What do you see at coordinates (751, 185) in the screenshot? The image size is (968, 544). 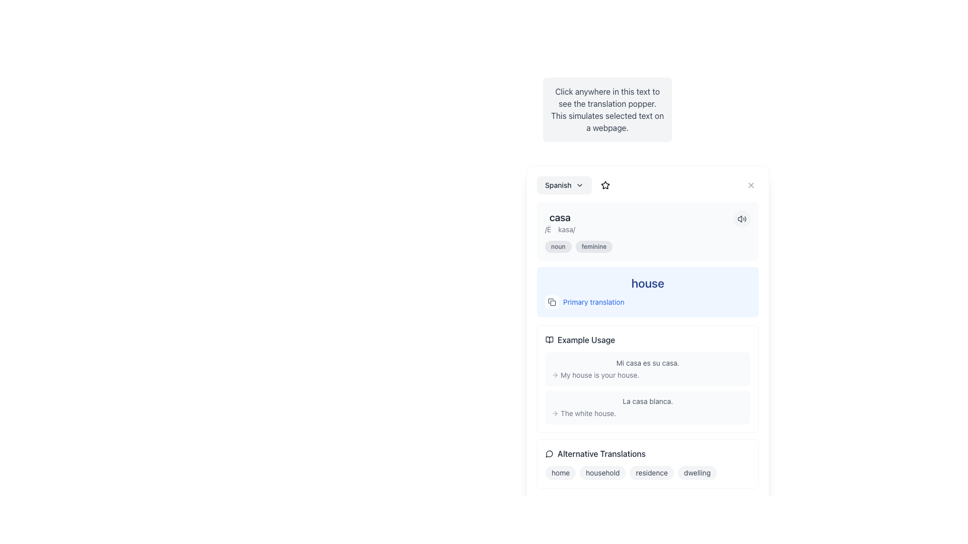 I see `the Close Icon located in the top-right corner of the modal` at bounding box center [751, 185].